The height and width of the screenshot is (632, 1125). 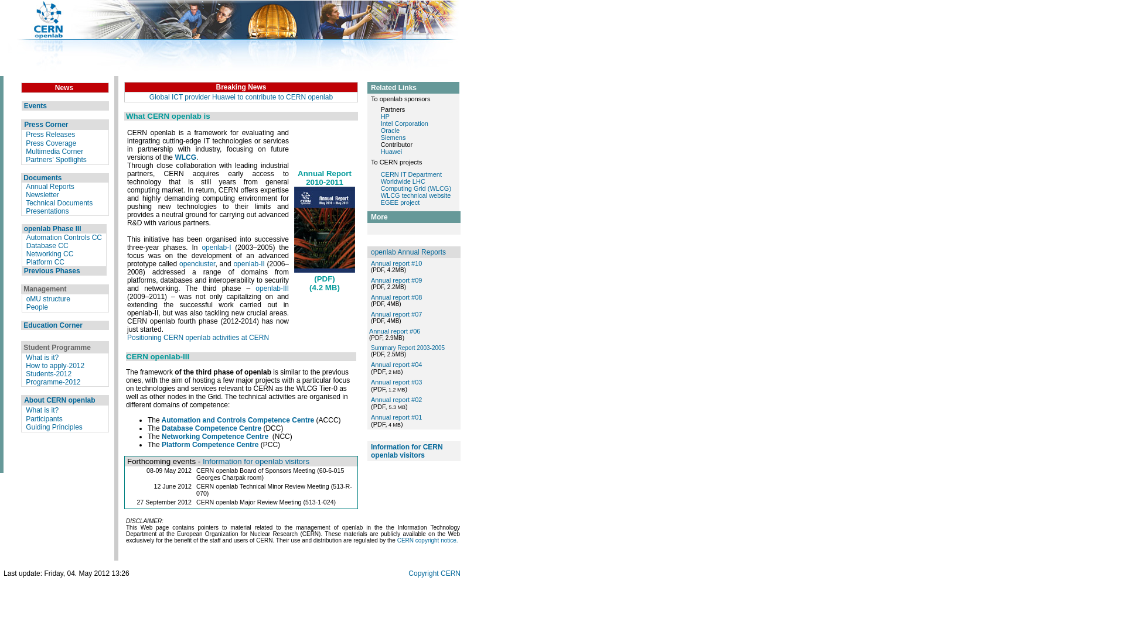 What do you see at coordinates (390, 130) in the screenshot?
I see `'Oracle'` at bounding box center [390, 130].